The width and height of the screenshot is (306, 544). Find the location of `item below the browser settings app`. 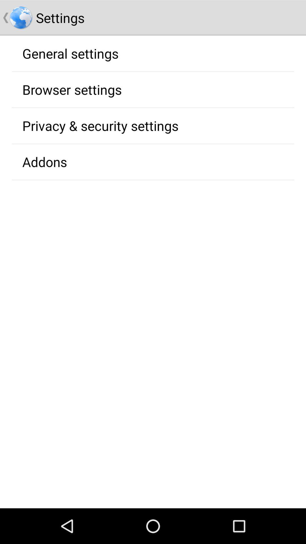

item below the browser settings app is located at coordinates (100, 125).